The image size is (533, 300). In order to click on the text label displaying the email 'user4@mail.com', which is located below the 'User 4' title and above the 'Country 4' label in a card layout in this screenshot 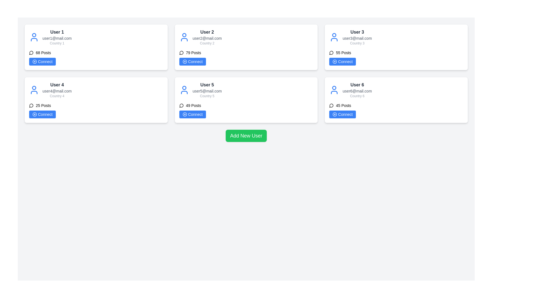, I will do `click(57, 91)`.